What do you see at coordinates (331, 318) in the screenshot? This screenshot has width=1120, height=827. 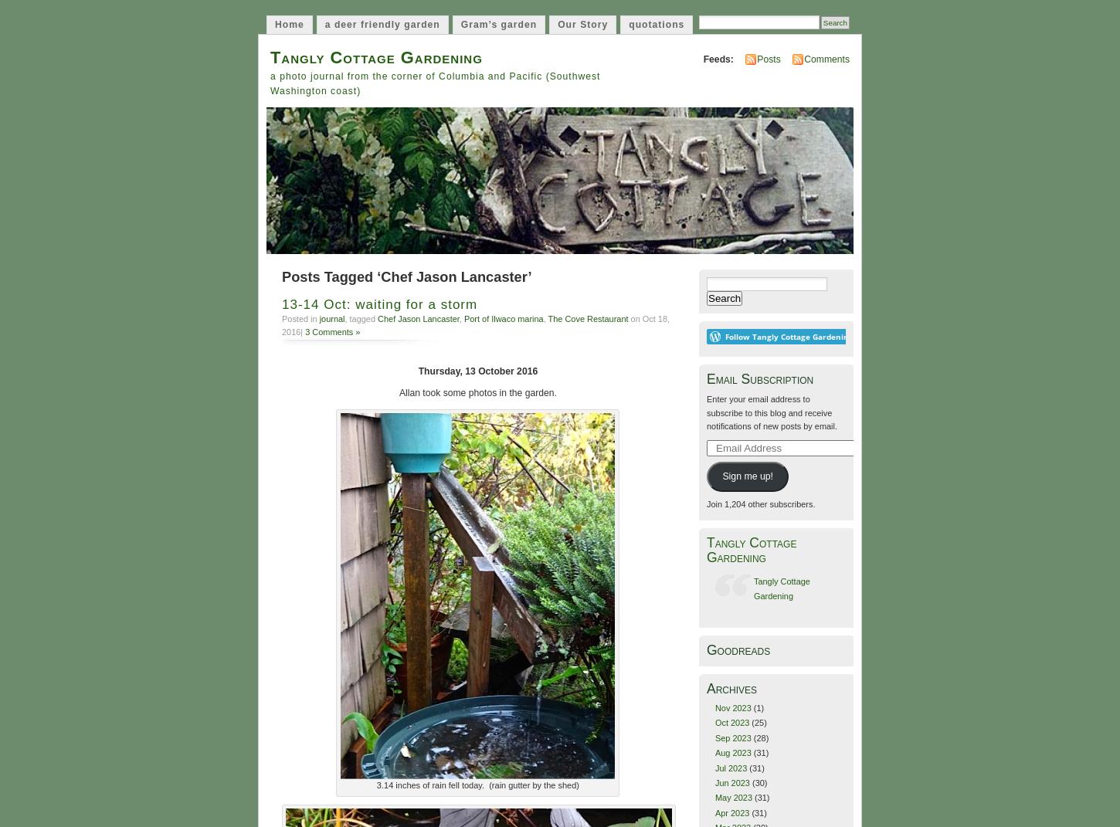 I see `'journal'` at bounding box center [331, 318].